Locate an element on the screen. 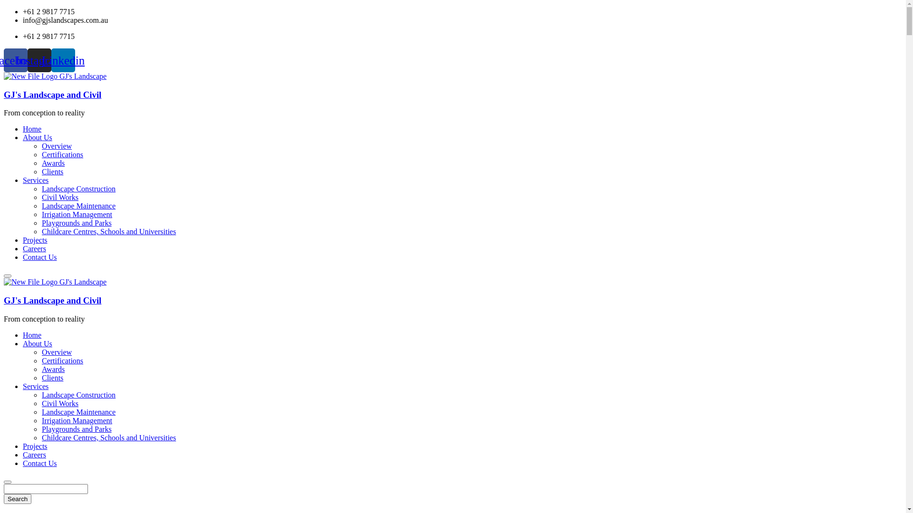  'Overview' is located at coordinates (56, 146).